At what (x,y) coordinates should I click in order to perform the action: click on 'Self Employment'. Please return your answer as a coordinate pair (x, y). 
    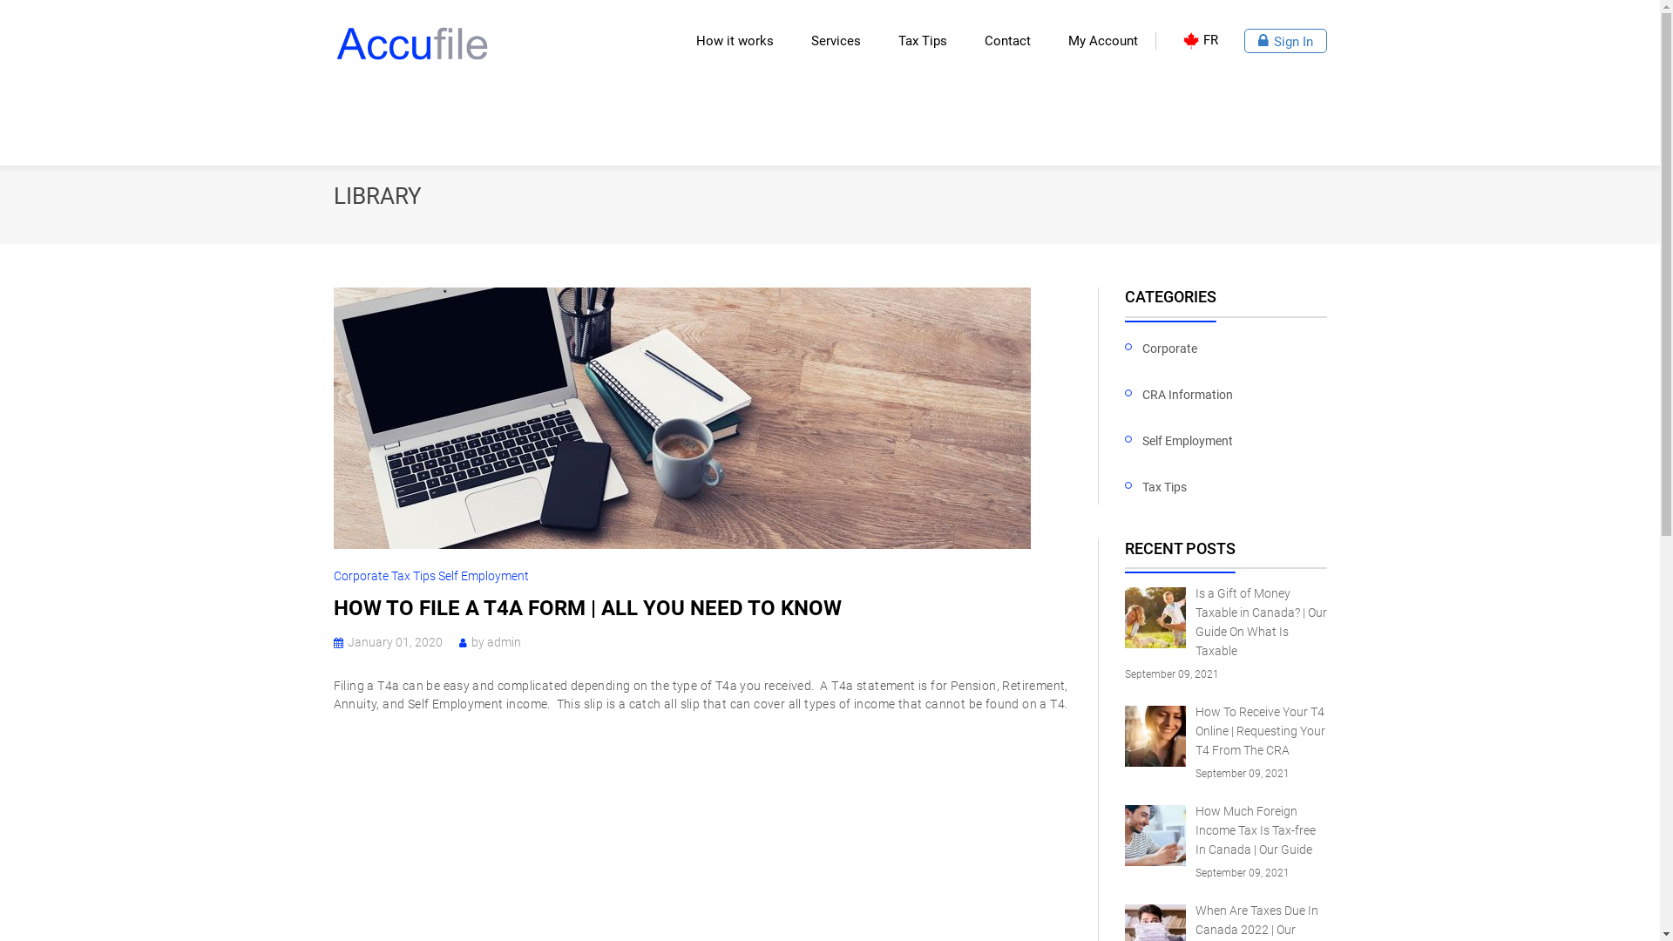
    Looking at the image, I should click on (1187, 440).